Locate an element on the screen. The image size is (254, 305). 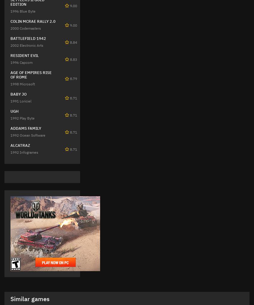
'BABY JO' is located at coordinates (18, 93).